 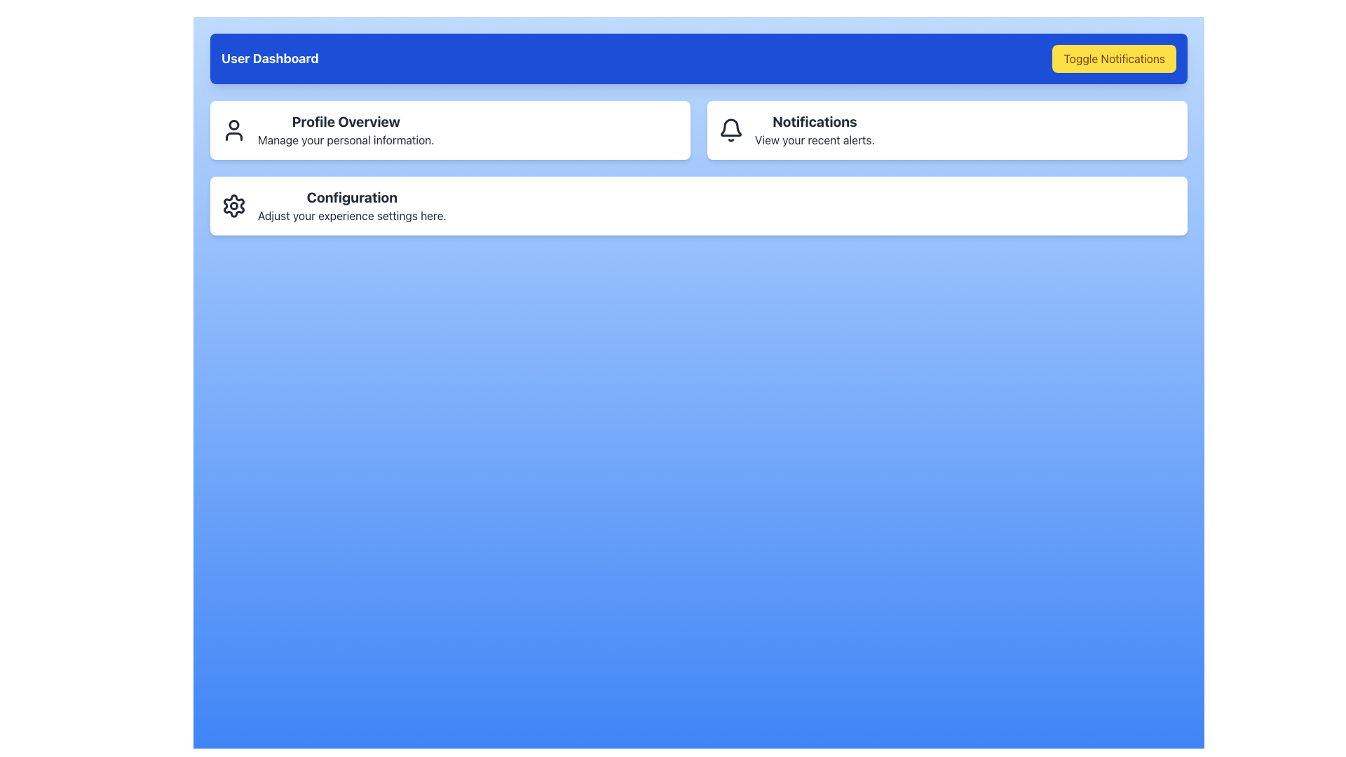 I want to click on the header text indicating notifications, which is located above 'View your recent alerts' in the upper-right section of the main content area, so click(x=815, y=121).